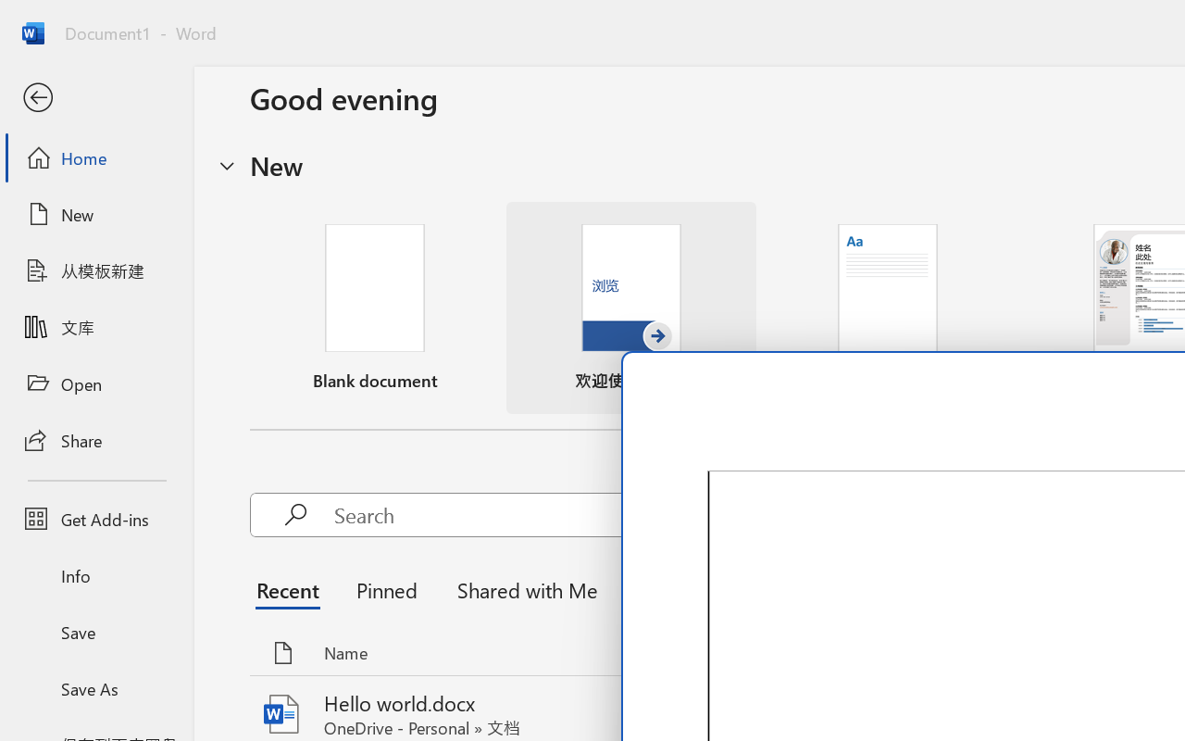 This screenshot has width=1185, height=741. What do you see at coordinates (292, 588) in the screenshot?
I see `'Recent'` at bounding box center [292, 588].